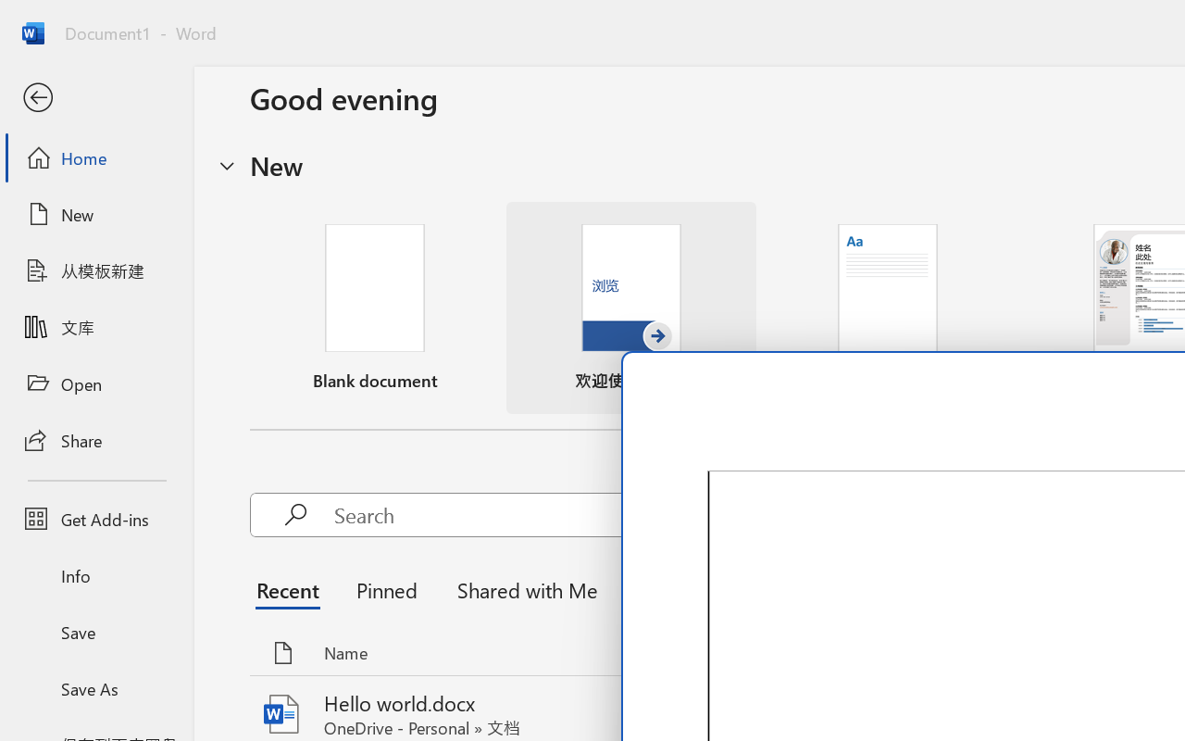 This screenshot has width=1185, height=741. What do you see at coordinates (292, 588) in the screenshot?
I see `'Recent'` at bounding box center [292, 588].